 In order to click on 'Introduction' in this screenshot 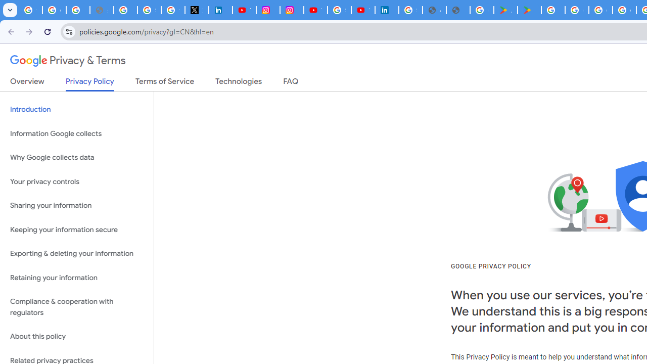, I will do `click(76, 110)`.